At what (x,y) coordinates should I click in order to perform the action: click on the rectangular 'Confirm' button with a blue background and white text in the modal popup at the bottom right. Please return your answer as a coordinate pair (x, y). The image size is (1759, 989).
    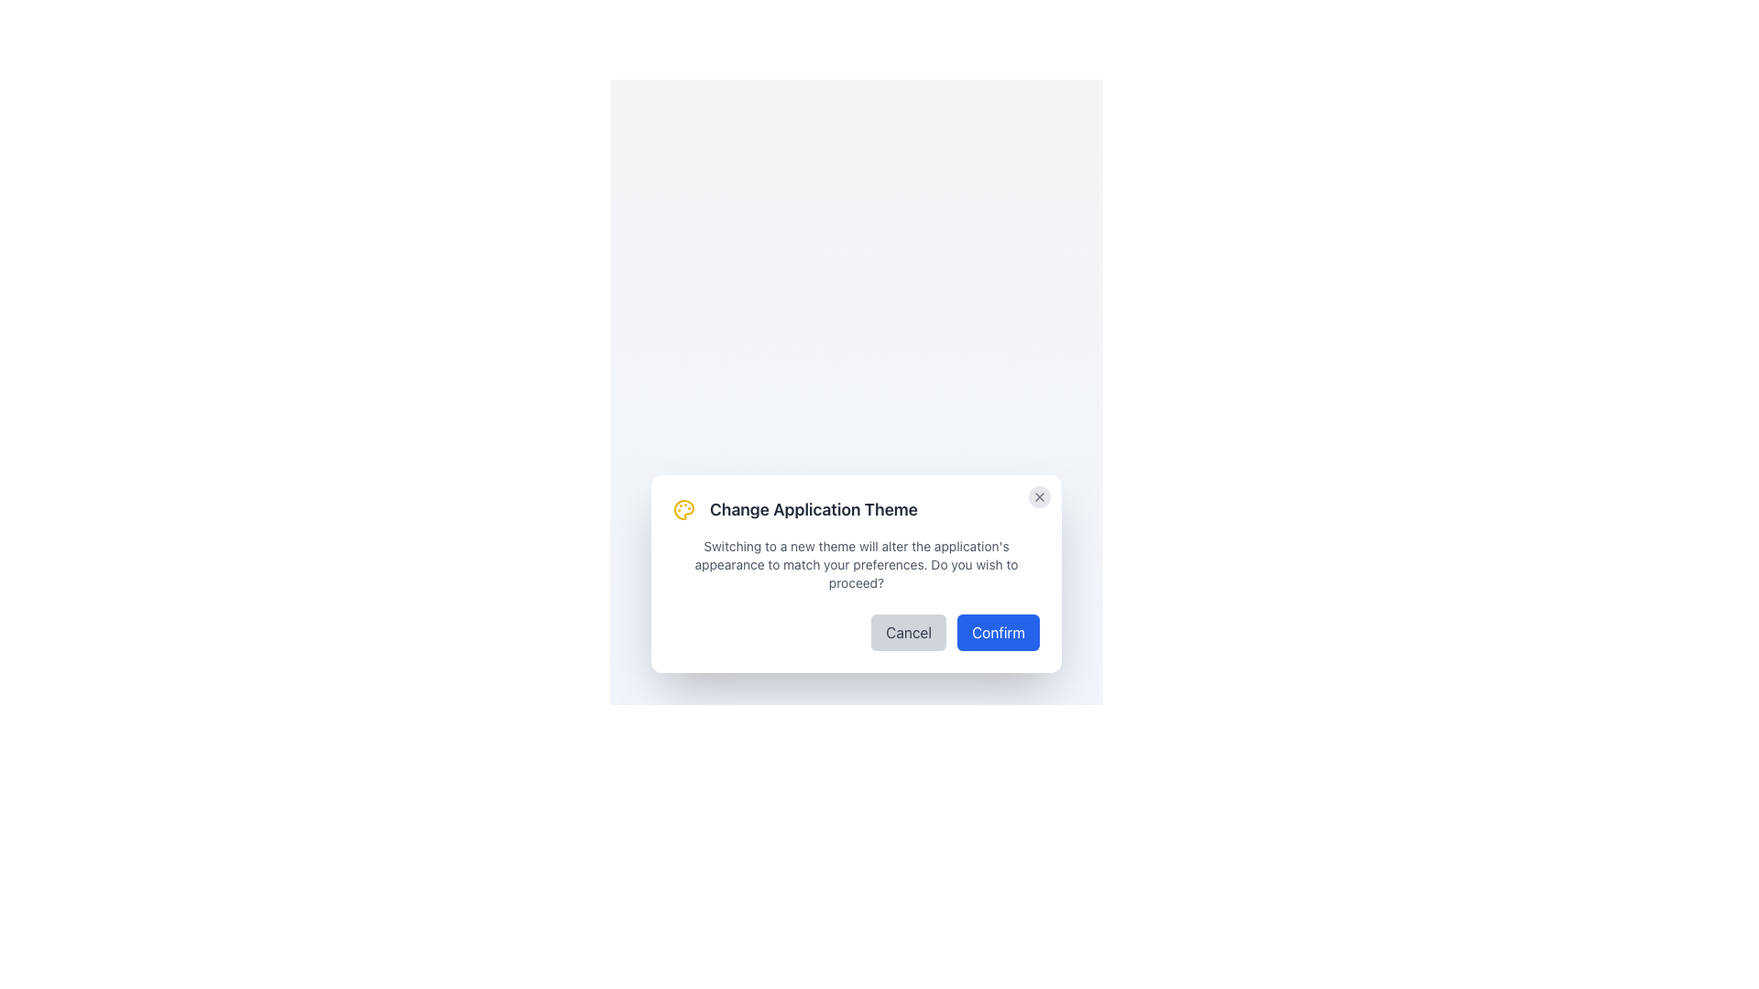
    Looking at the image, I should click on (997, 631).